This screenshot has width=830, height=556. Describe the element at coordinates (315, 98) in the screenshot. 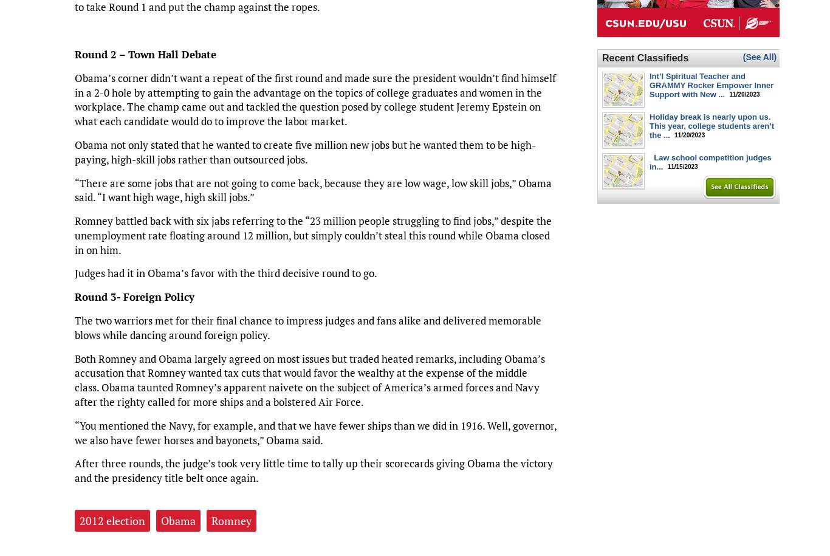

I see `'Obama’s corner didn’t want a repeat of the first round and made sure the president wouldn’t find himself in a 2-0 hole by attempting to gain the advantage on the topics of college graduates and women in the workplace. The champ came out and tackled the question posed by college student Jeremy Epstein on what each candidate would do to improve the labor market.'` at that location.